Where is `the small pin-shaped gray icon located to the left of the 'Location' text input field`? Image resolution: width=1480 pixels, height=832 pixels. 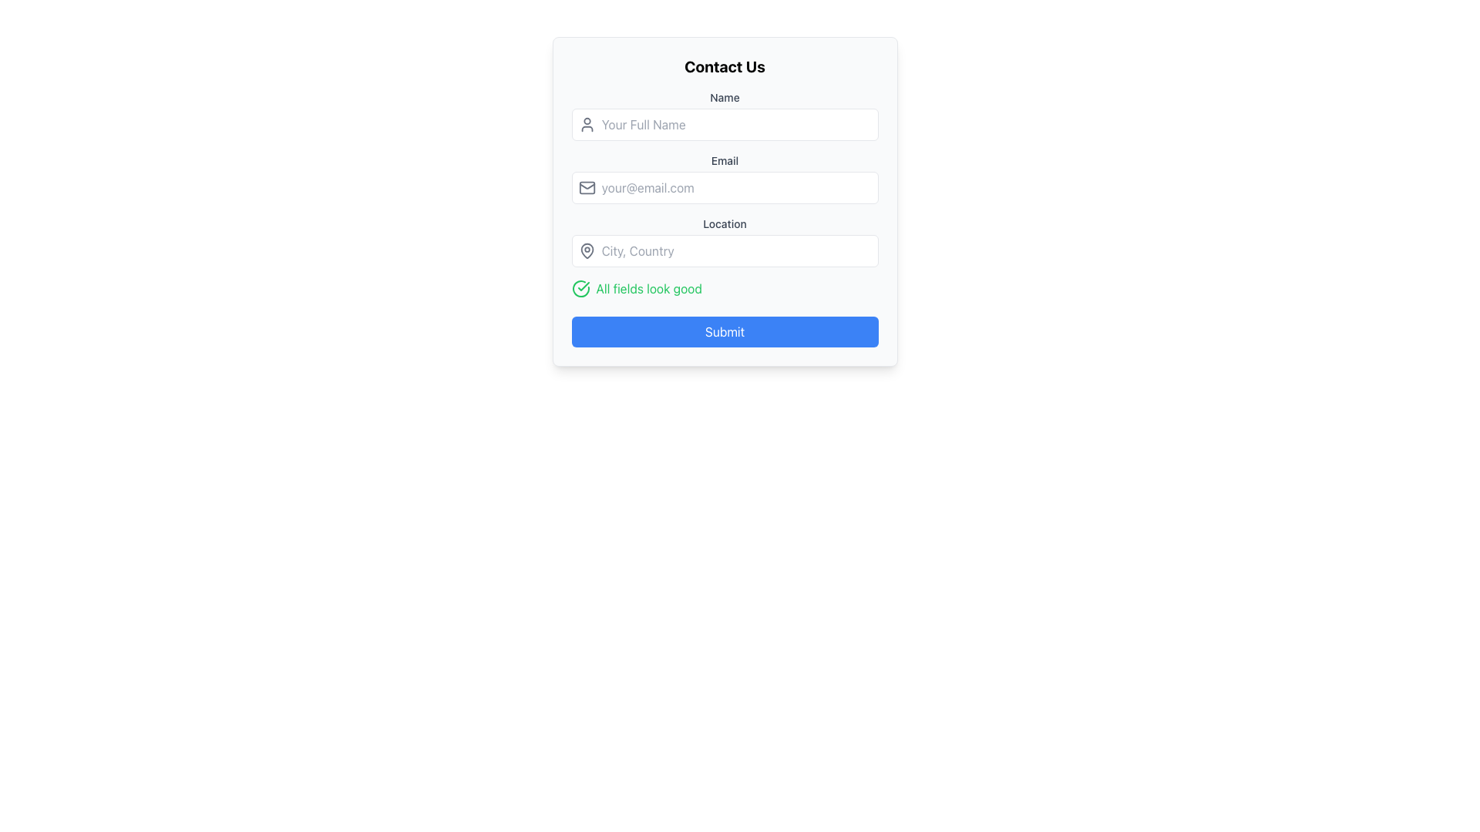 the small pin-shaped gray icon located to the left of the 'Location' text input field is located at coordinates (586, 250).